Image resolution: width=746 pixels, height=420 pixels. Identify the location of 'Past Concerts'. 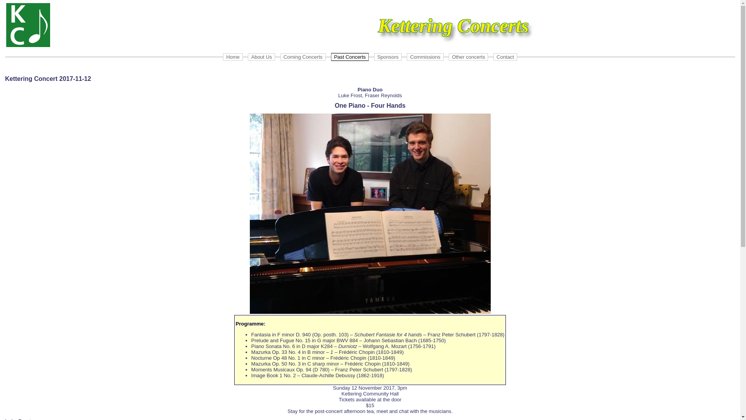
(350, 56).